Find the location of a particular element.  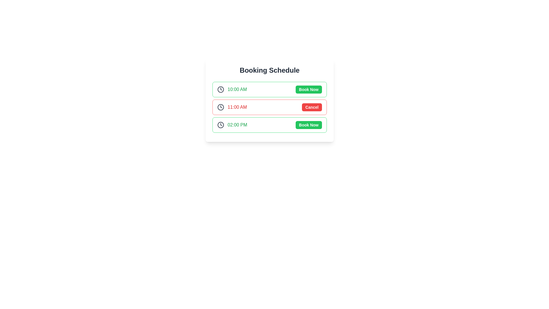

the Booking option card for the '10:00 AM' time slot, which is the first entry in the 'Booking Schedule' section is located at coordinates (269, 89).